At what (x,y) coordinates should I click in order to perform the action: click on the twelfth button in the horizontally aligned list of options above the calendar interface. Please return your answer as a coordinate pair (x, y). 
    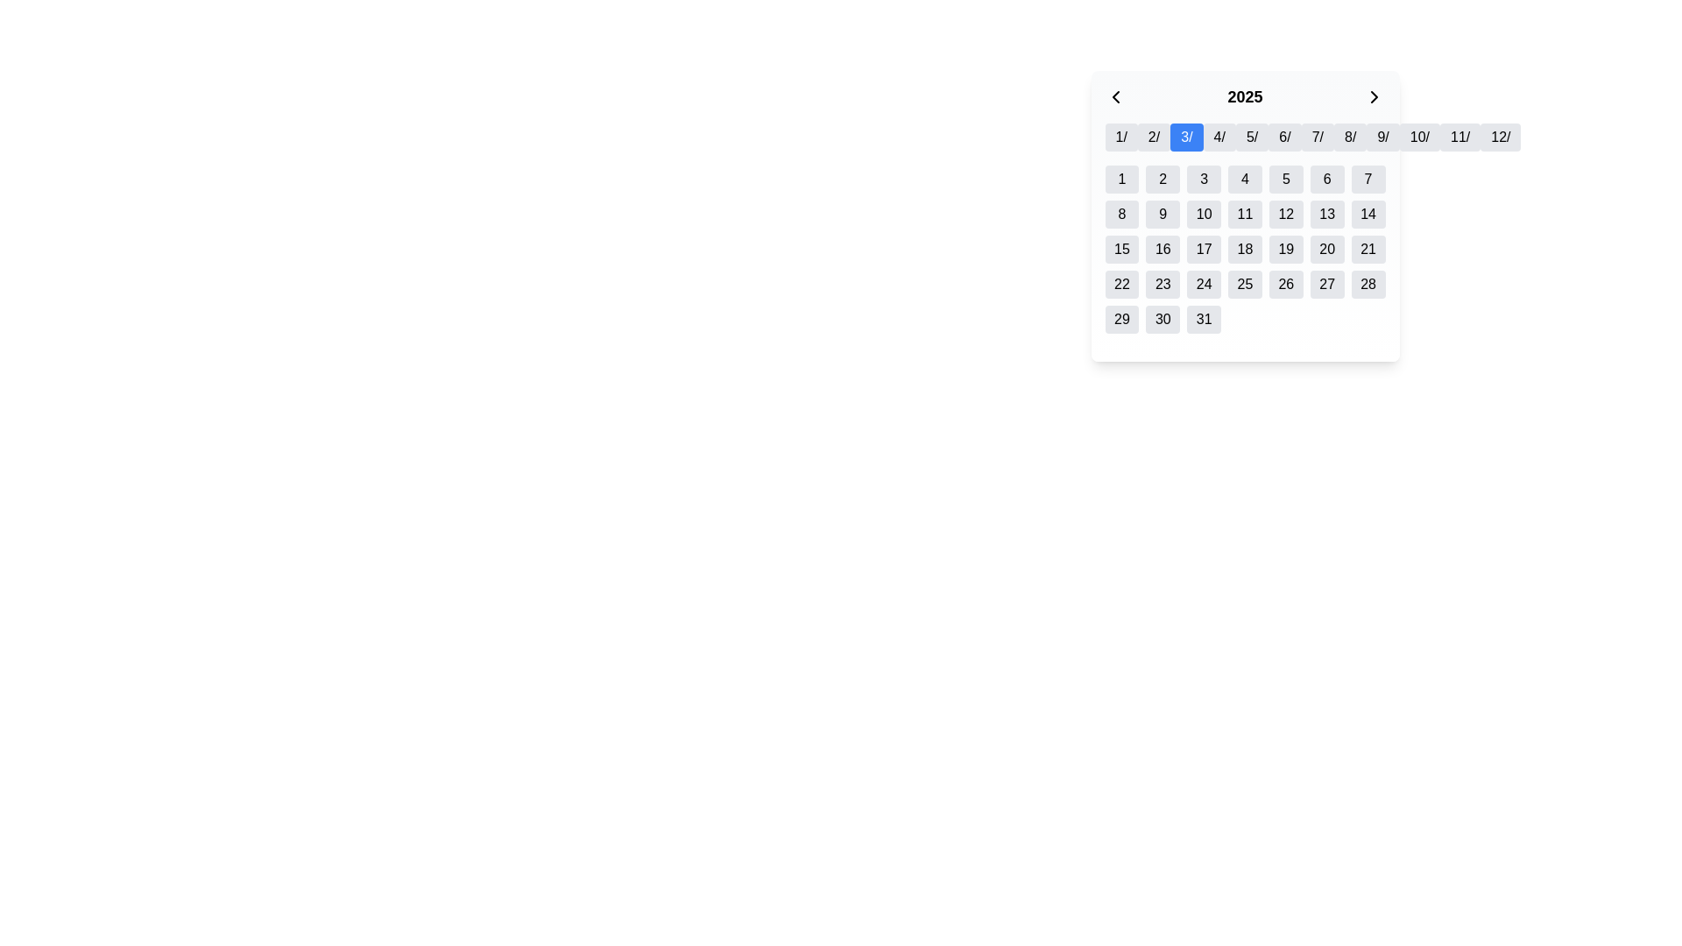
    Looking at the image, I should click on (1500, 137).